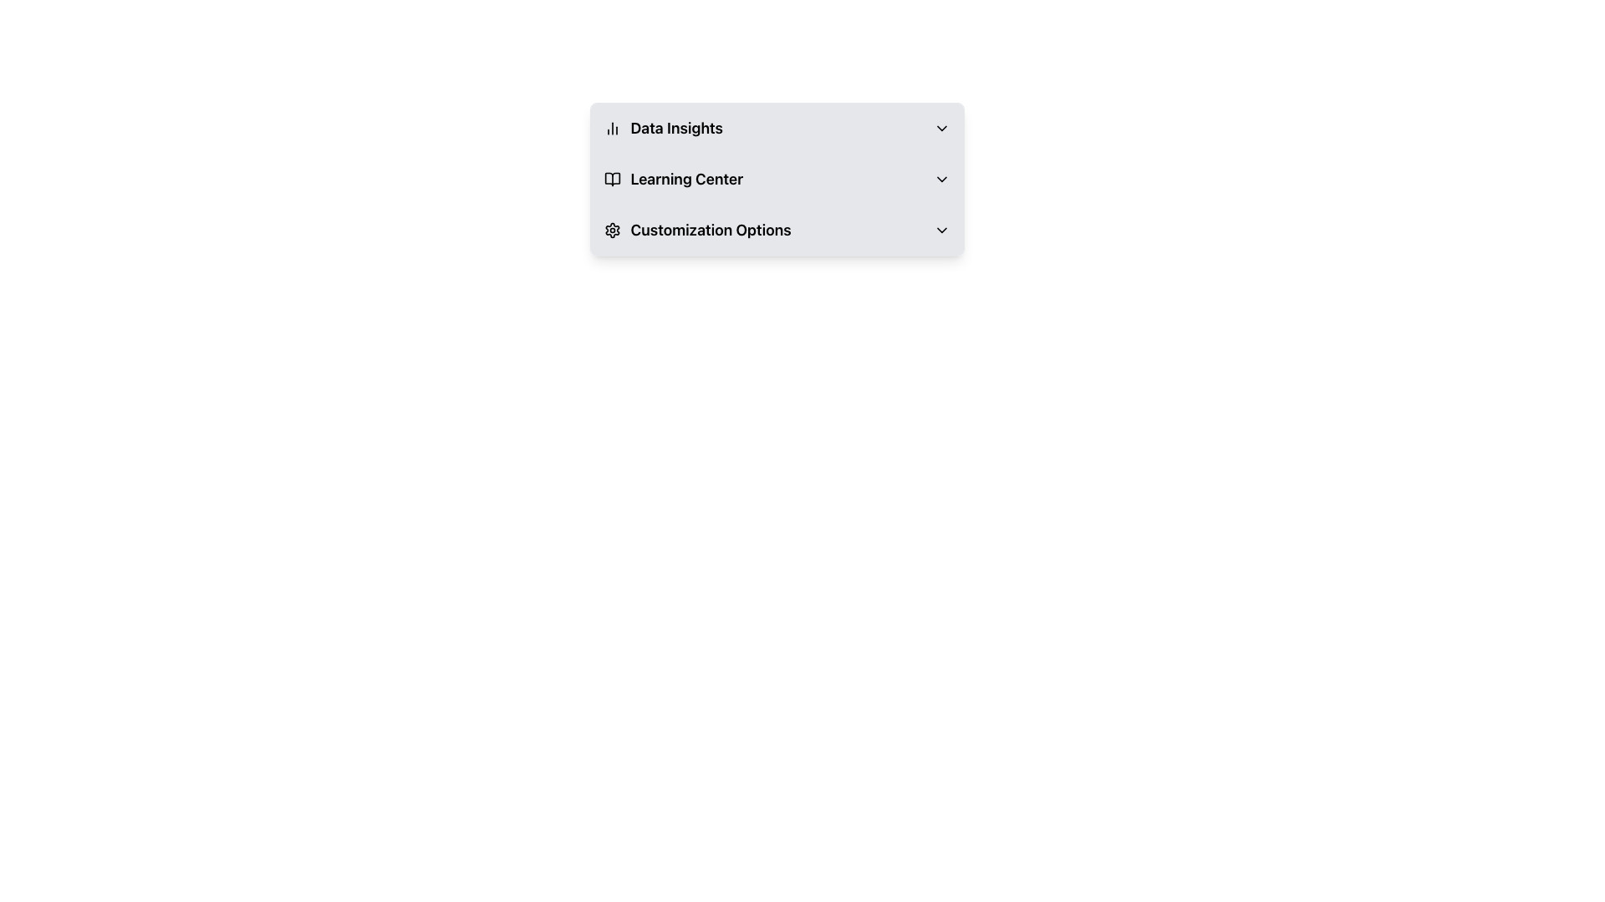 The image size is (1605, 902). What do you see at coordinates (611, 180) in the screenshot?
I see `the open book icon located to the left of the 'Learning Center' text in the dropdown menu` at bounding box center [611, 180].